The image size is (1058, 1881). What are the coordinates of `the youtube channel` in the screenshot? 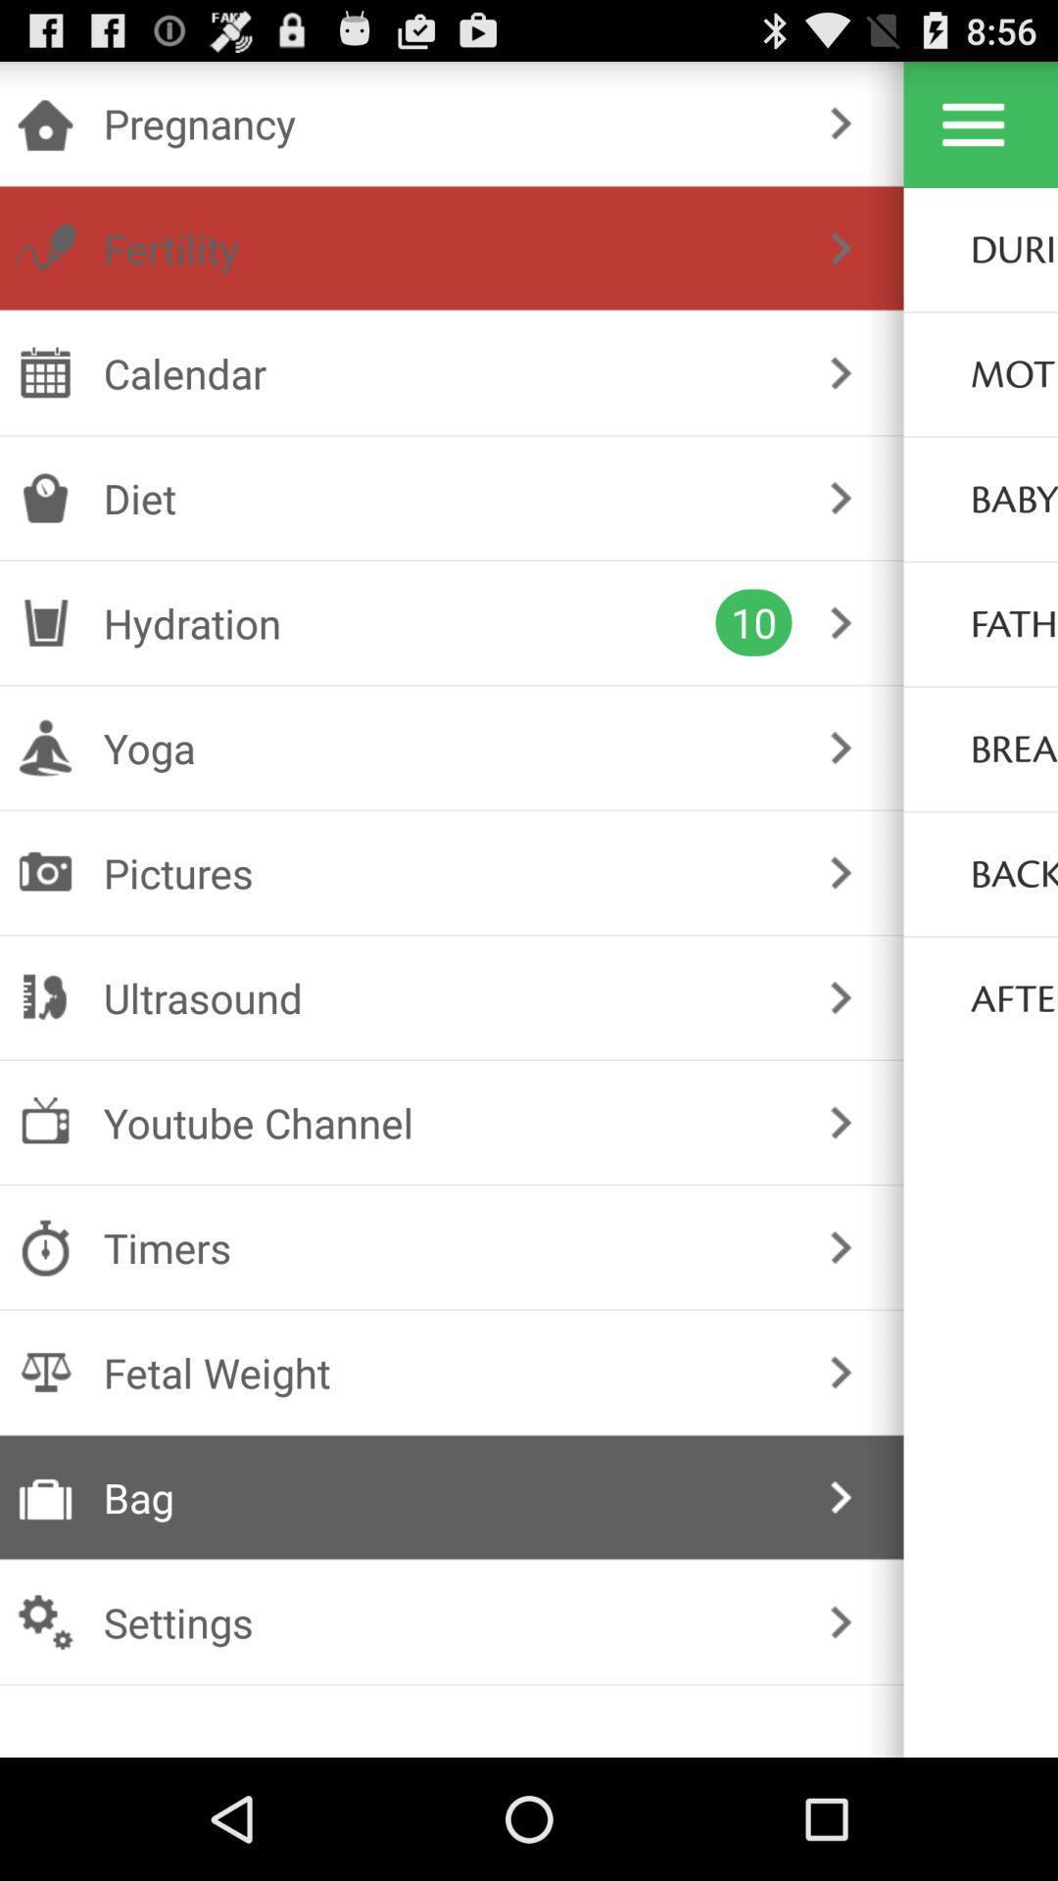 It's located at (448, 1123).